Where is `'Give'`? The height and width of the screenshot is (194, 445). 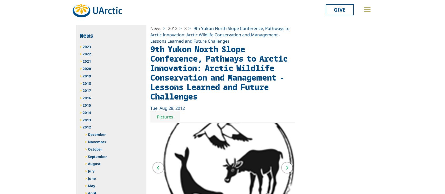 'Give' is located at coordinates (339, 9).